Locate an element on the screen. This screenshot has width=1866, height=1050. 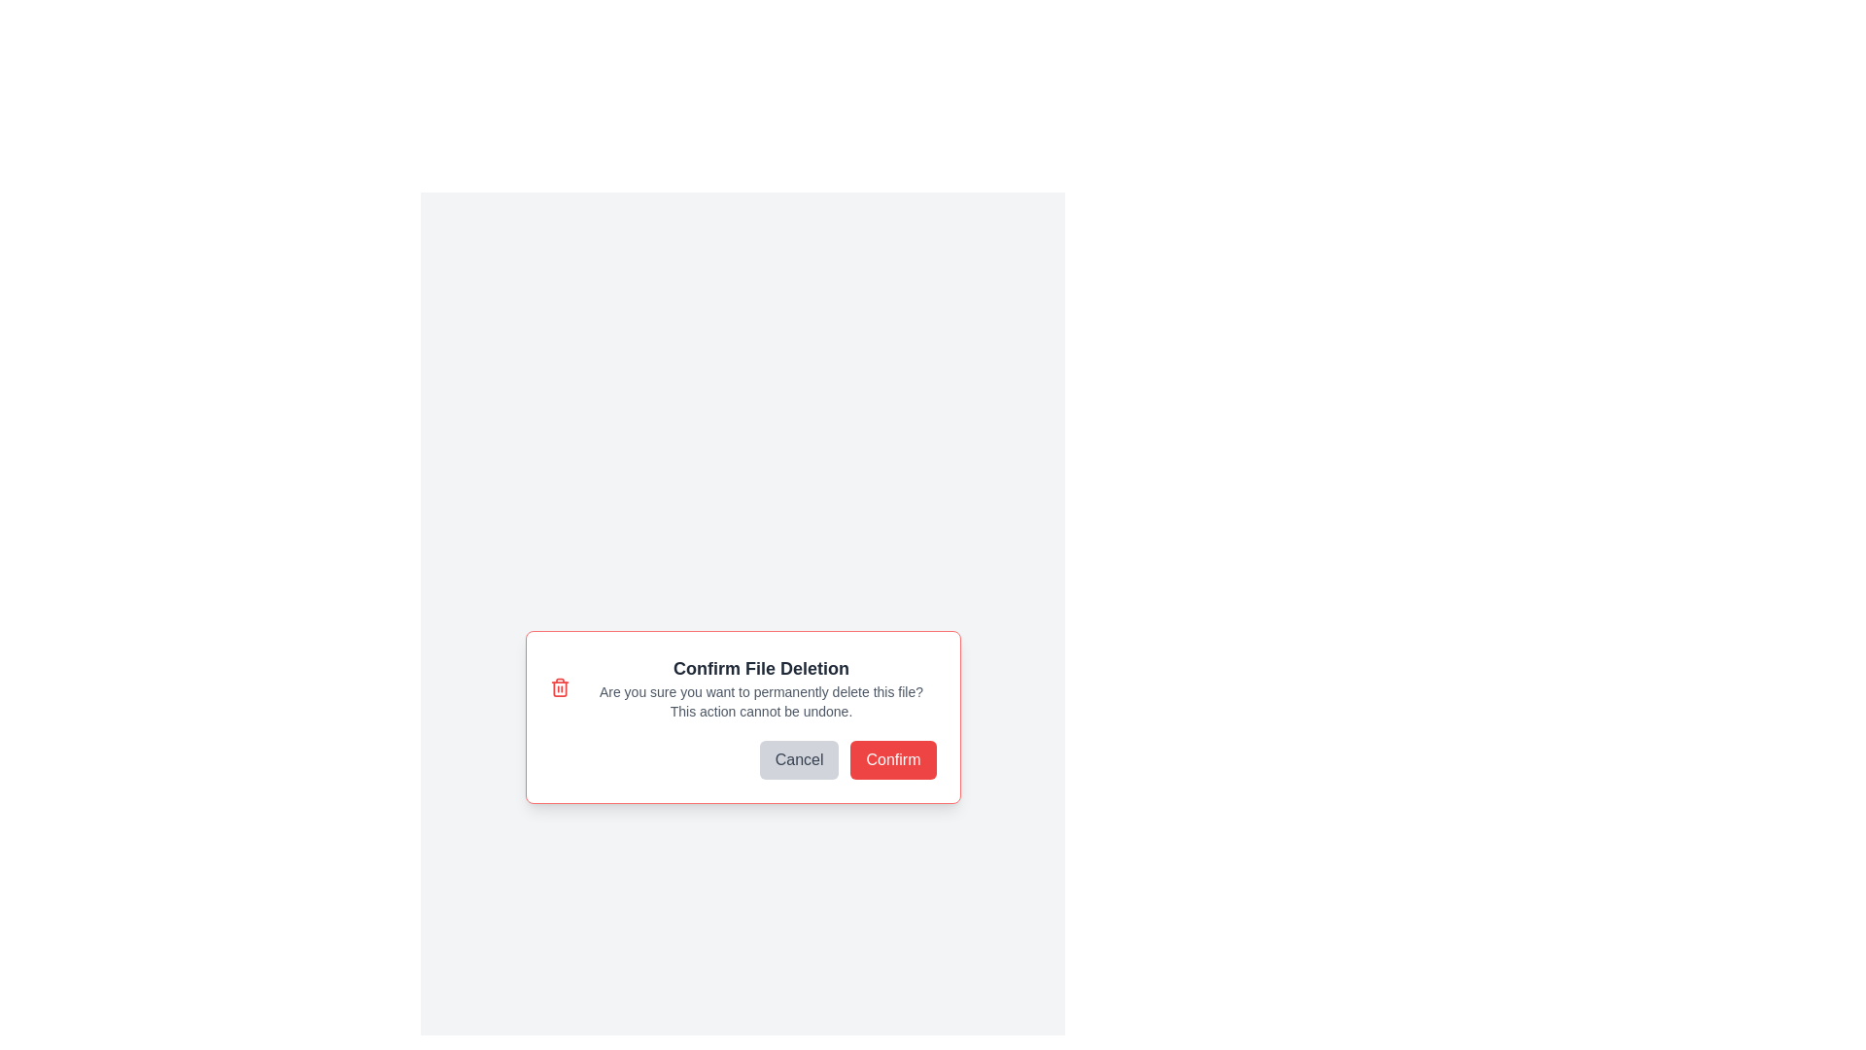
the 'Confirm' button, which is a red rectangular button with rounded corners and white text is located at coordinates (892, 759).